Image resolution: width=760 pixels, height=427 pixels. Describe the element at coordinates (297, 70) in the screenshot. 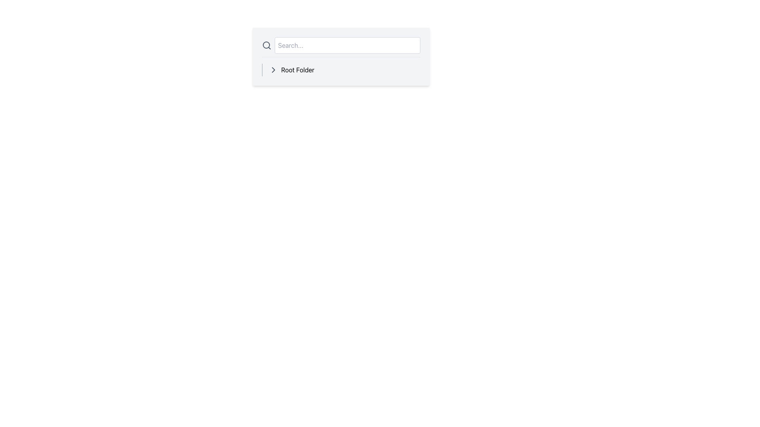

I see `the text label 'Root Folder'` at that location.